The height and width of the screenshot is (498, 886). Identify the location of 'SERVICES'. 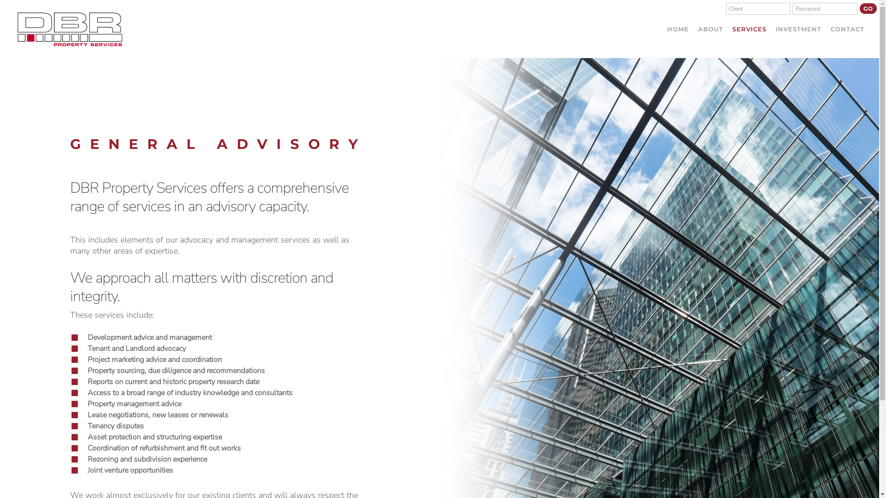
(727, 28).